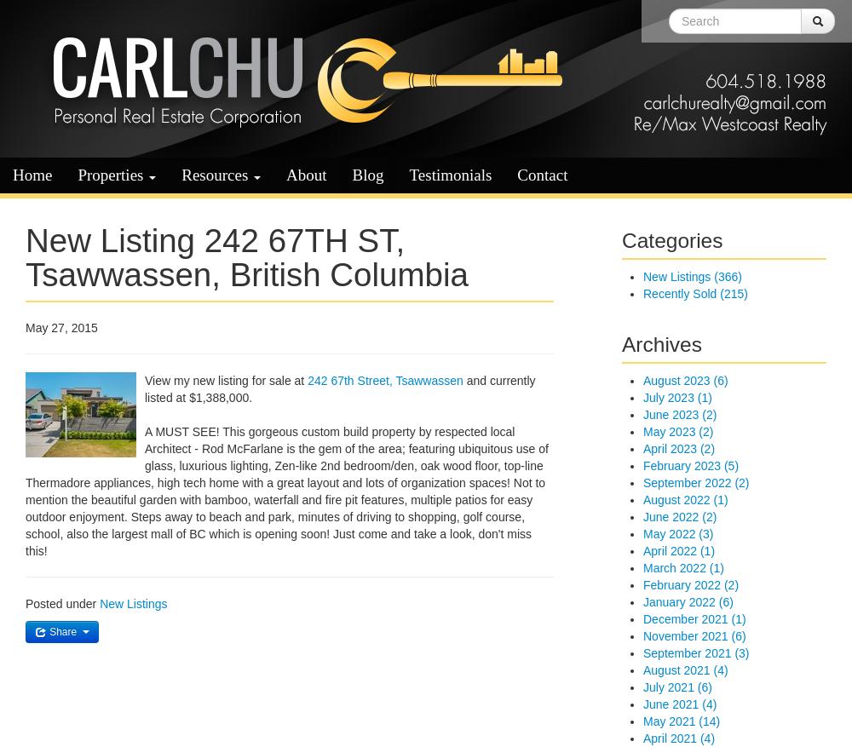 This screenshot has width=852, height=747. What do you see at coordinates (47, 632) in the screenshot?
I see `'Share'` at bounding box center [47, 632].